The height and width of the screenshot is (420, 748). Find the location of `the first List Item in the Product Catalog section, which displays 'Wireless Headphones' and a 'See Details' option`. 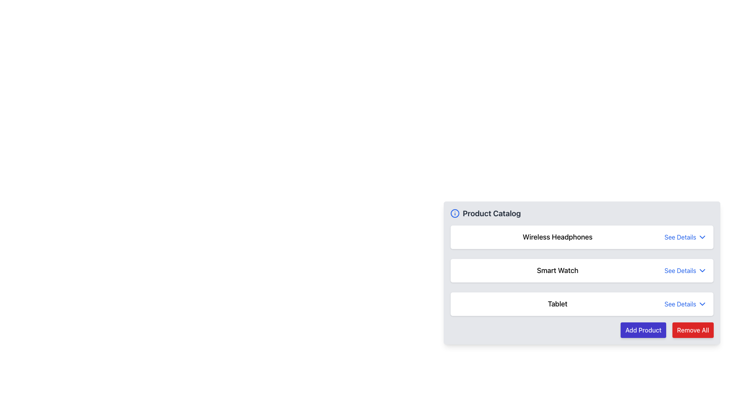

the first List Item in the Product Catalog section, which displays 'Wireless Headphones' and a 'See Details' option is located at coordinates (582, 236).